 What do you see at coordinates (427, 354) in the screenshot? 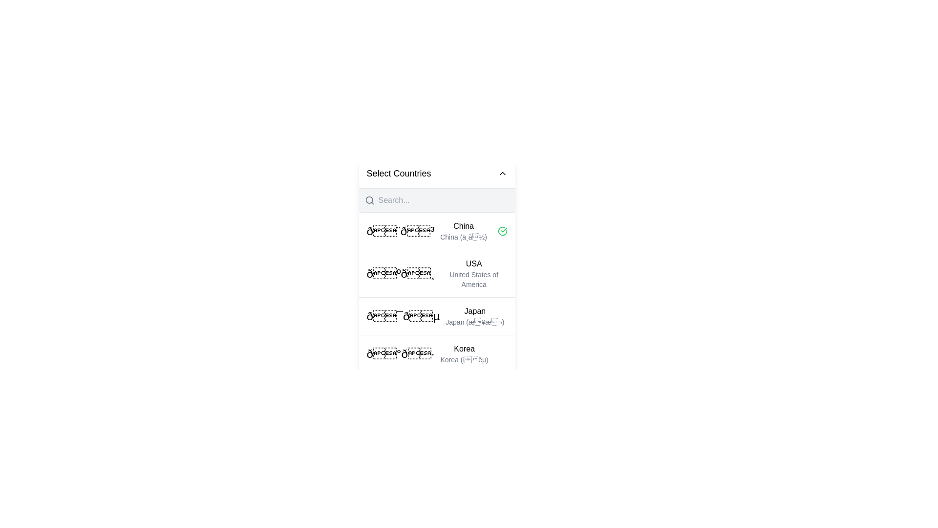
I see `the fourth selectable item in the country selection menu` at bounding box center [427, 354].